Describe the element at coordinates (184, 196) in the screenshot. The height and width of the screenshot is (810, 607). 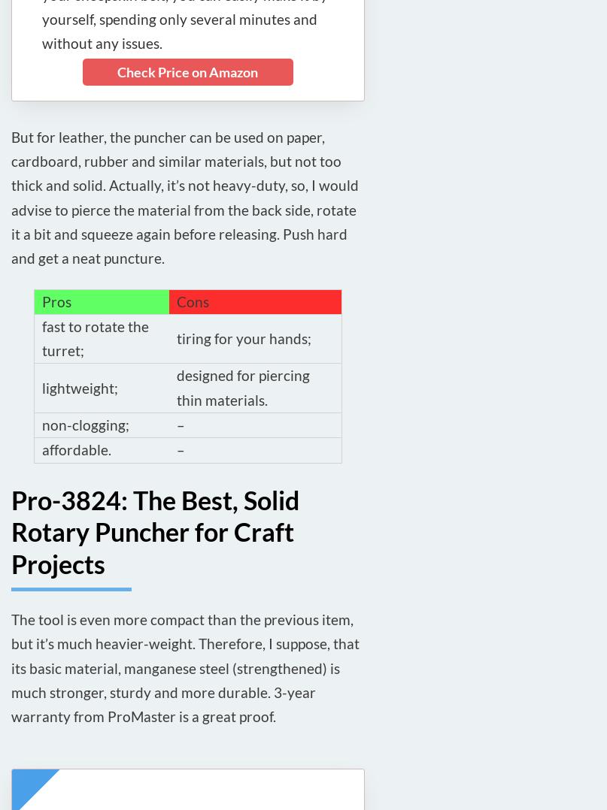
I see `'But for leather, the puncher can be used on paper, cardboard, rubber and similar materials, but not too thick and solid. Actually, it’s not heavy-duty, so, I would advise to pierce the material from the back side, rotate it a bit and squeeze again before releasing. Push hard and get a neat puncture.'` at that location.